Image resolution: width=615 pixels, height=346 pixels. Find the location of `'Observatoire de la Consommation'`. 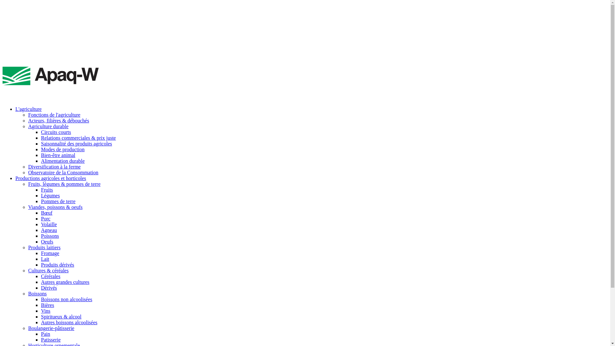

'Observatoire de la Consommation' is located at coordinates (63, 172).